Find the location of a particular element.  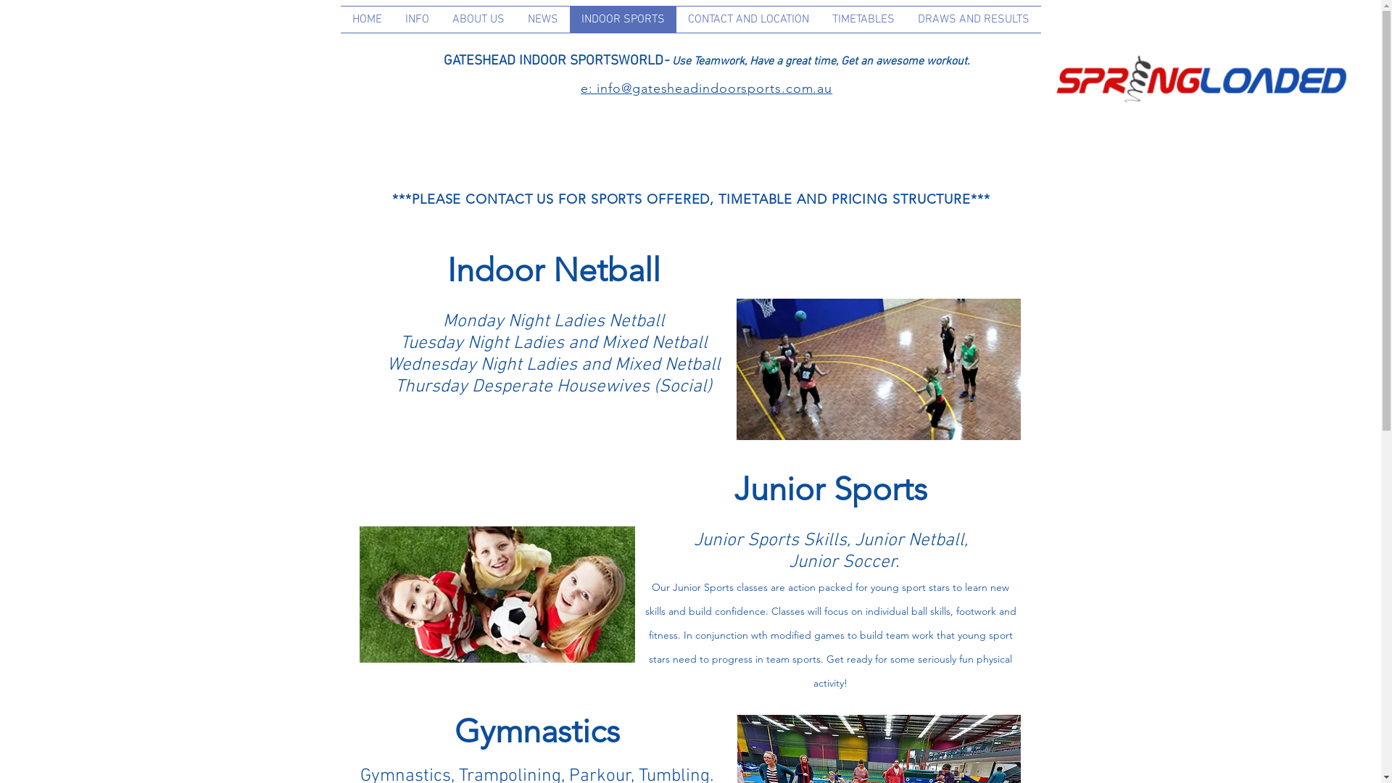

'NEWS' is located at coordinates (542, 20).